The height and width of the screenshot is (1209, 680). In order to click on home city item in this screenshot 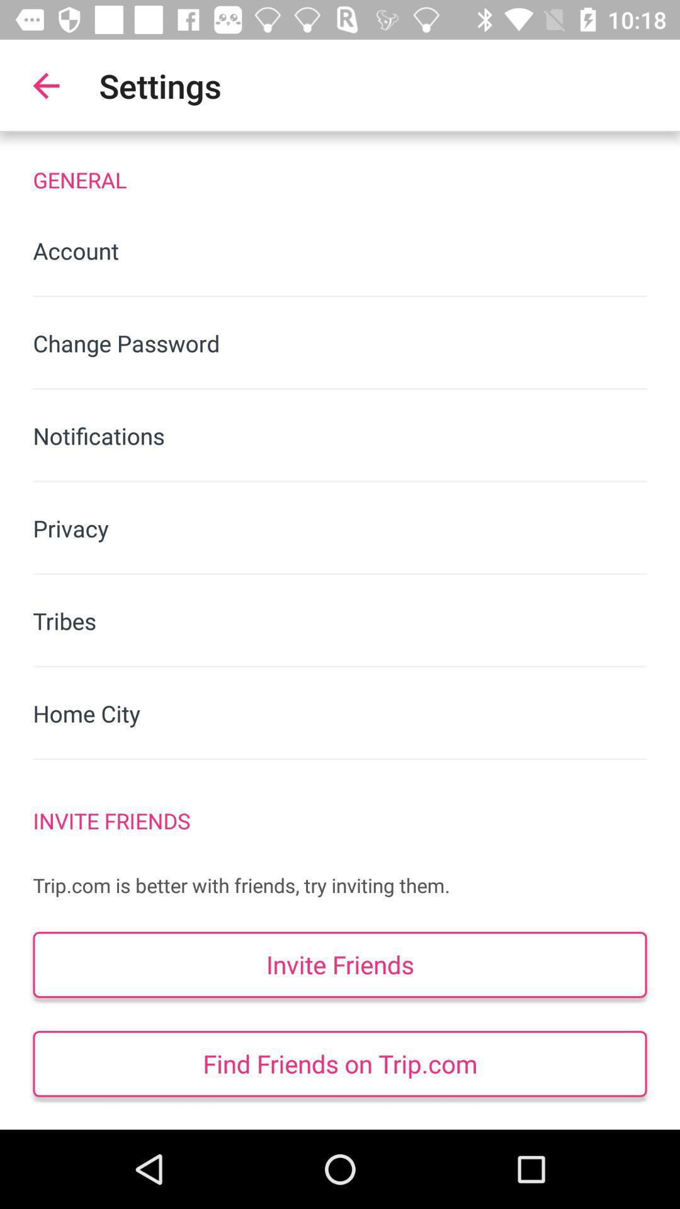, I will do `click(340, 713)`.